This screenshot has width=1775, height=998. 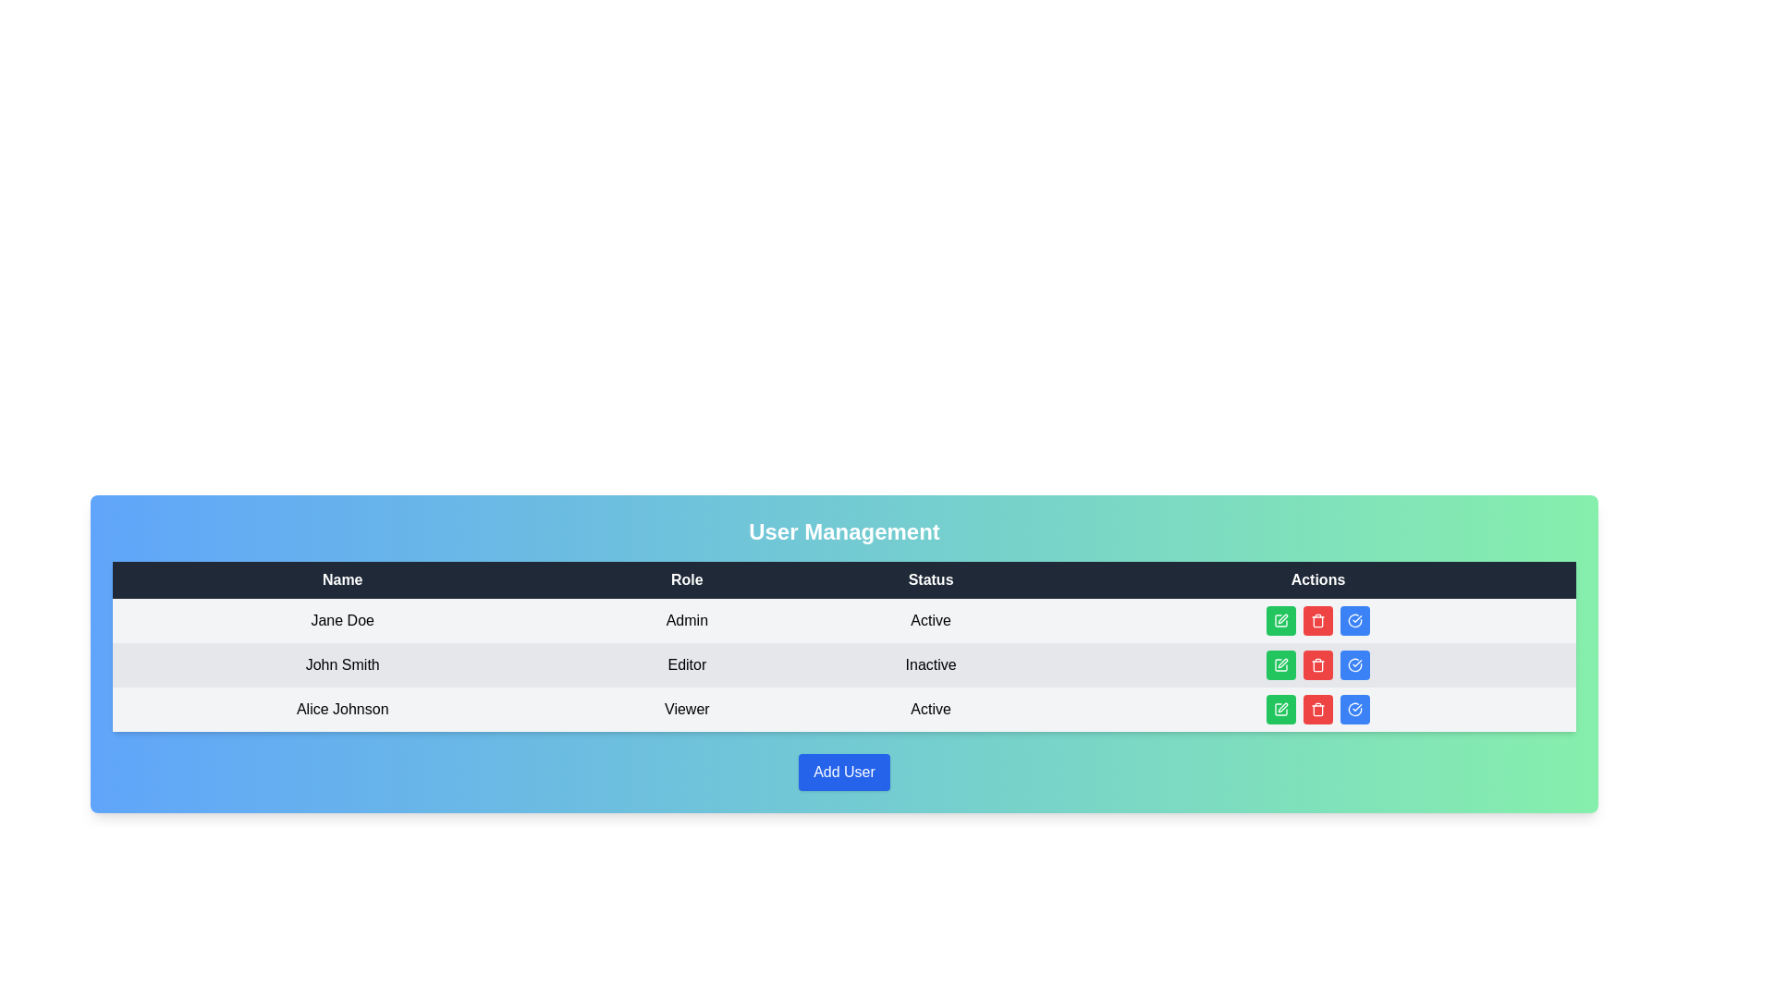 What do you see at coordinates (1280, 708) in the screenshot?
I see `the edit icon button located in the 'Actions' column of the third row of the table to initiate the edit action` at bounding box center [1280, 708].